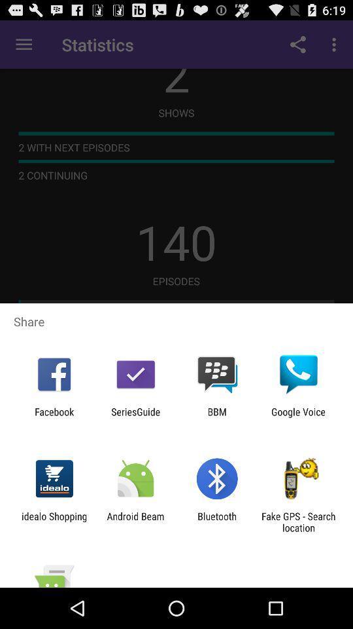 This screenshot has height=629, width=353. I want to click on item to the right of the idealo shopping item, so click(135, 522).